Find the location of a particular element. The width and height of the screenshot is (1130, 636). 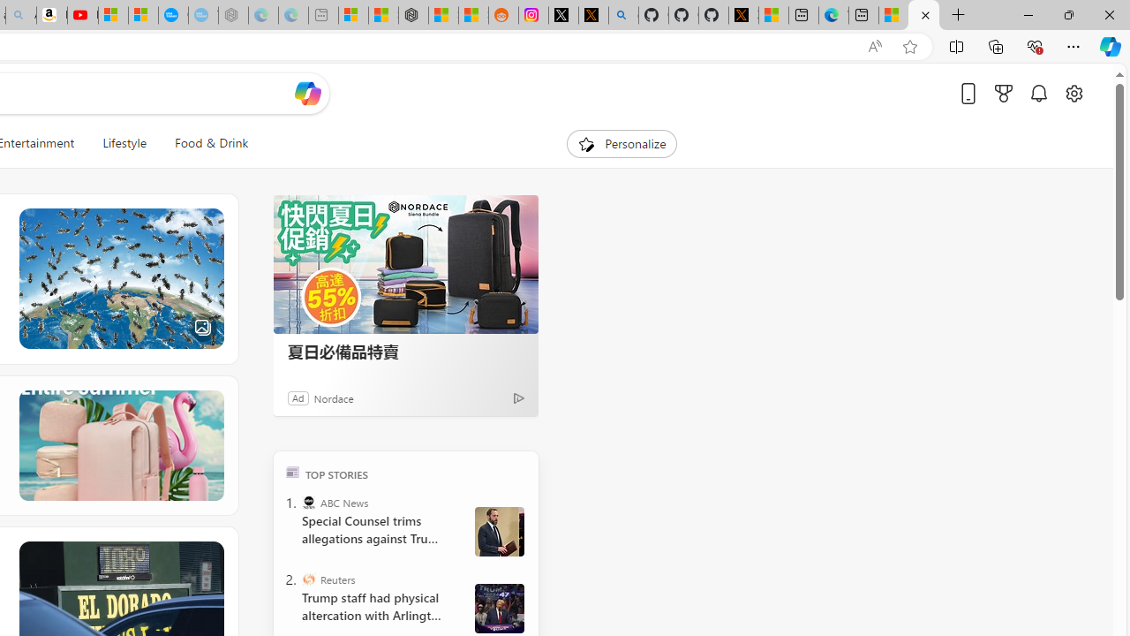

'TOP' is located at coordinates (293, 471).